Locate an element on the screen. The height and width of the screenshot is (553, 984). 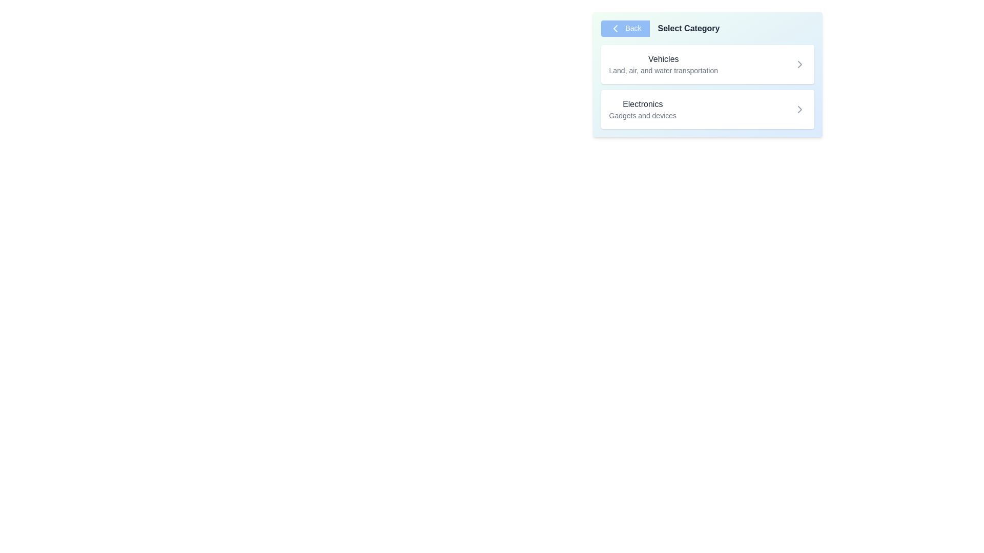
the right-facing chevron icon located at the end of the 'Electronics' list item is located at coordinates (799, 109).